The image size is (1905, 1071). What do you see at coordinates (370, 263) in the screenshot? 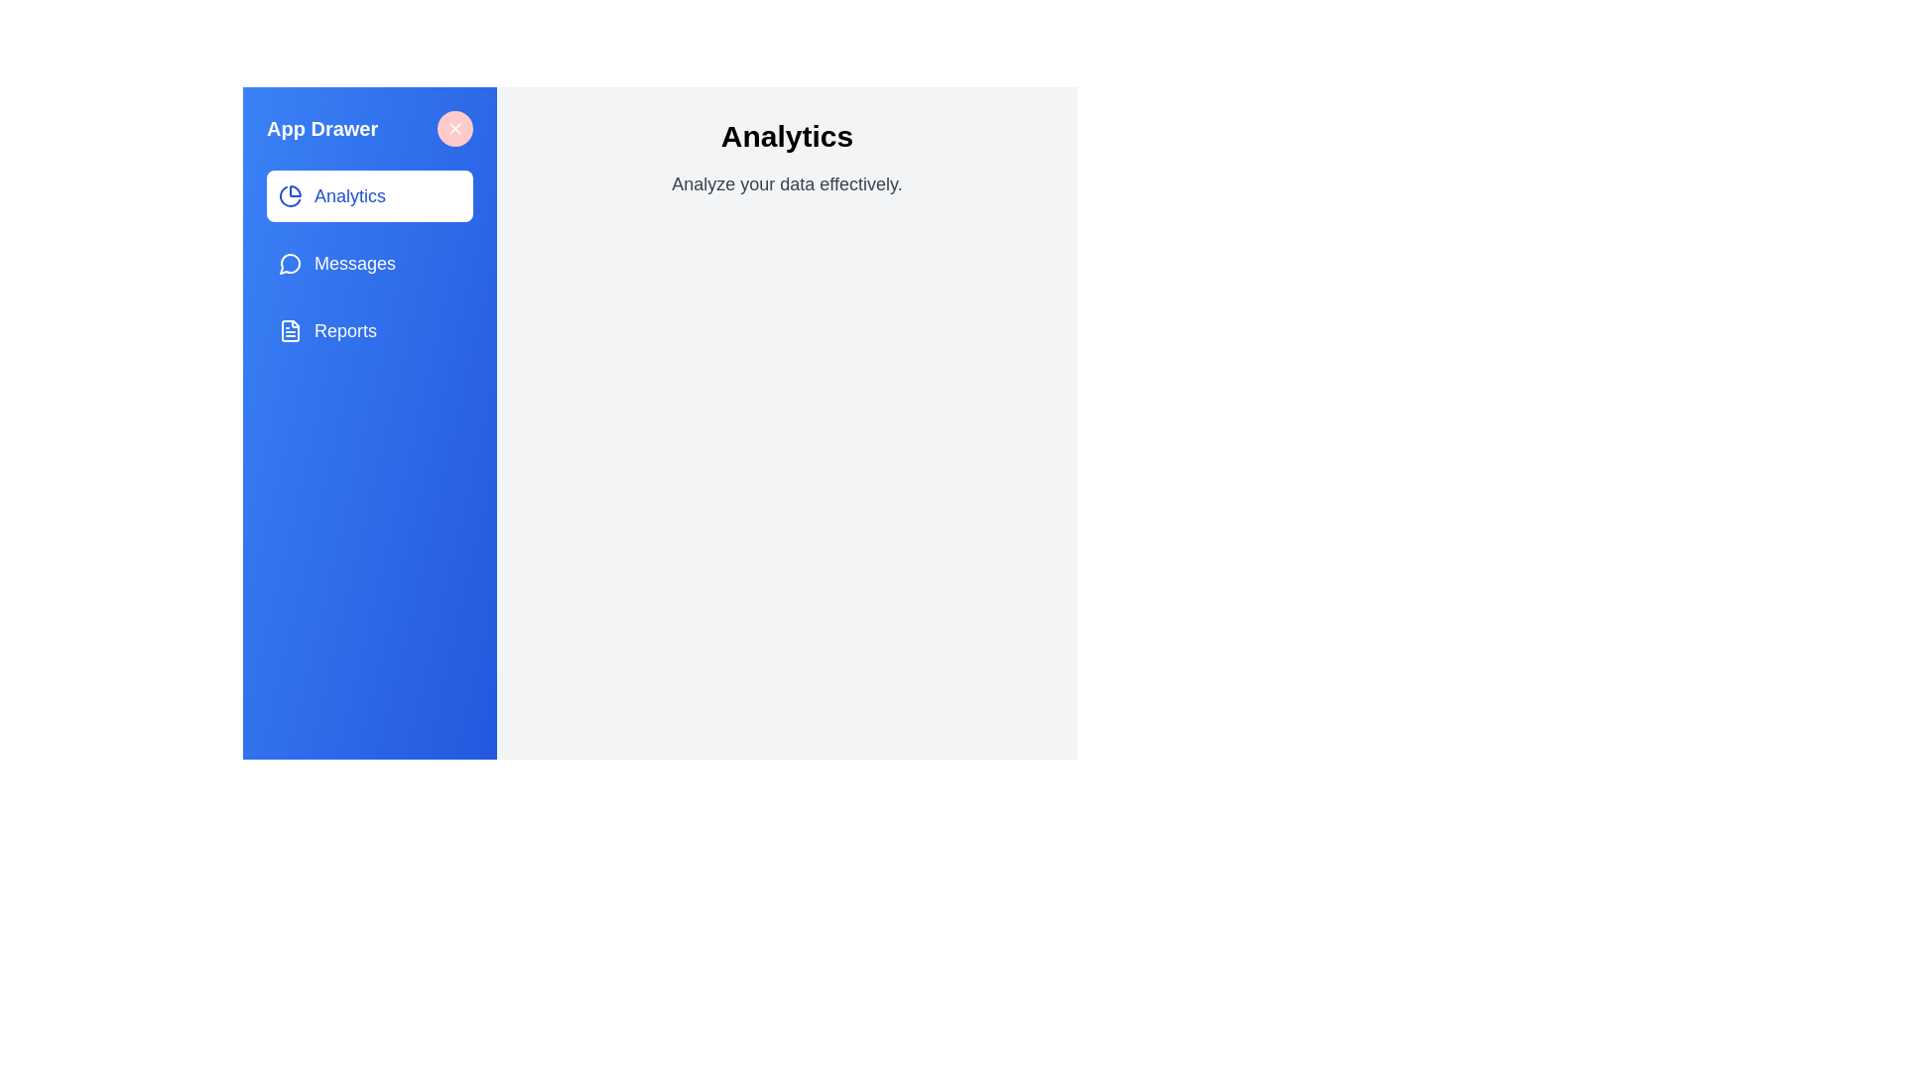
I see `the menu option Messages` at bounding box center [370, 263].